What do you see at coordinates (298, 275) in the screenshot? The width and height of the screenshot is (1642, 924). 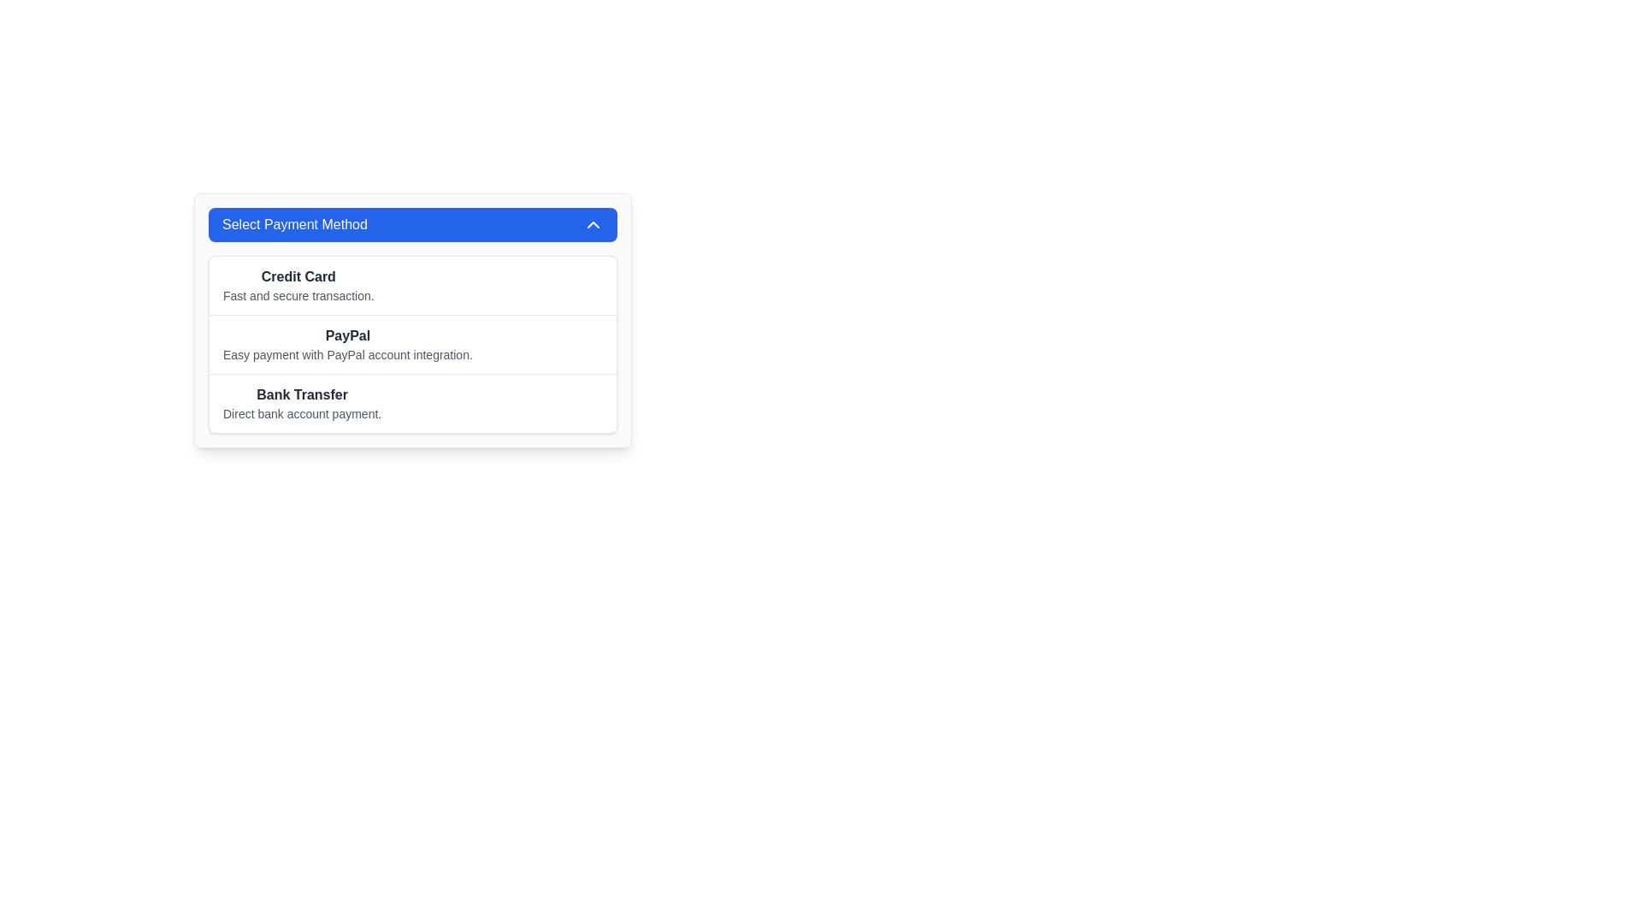 I see `the 'Credit Card' label that identifies the payment method option in the selection interface` at bounding box center [298, 275].